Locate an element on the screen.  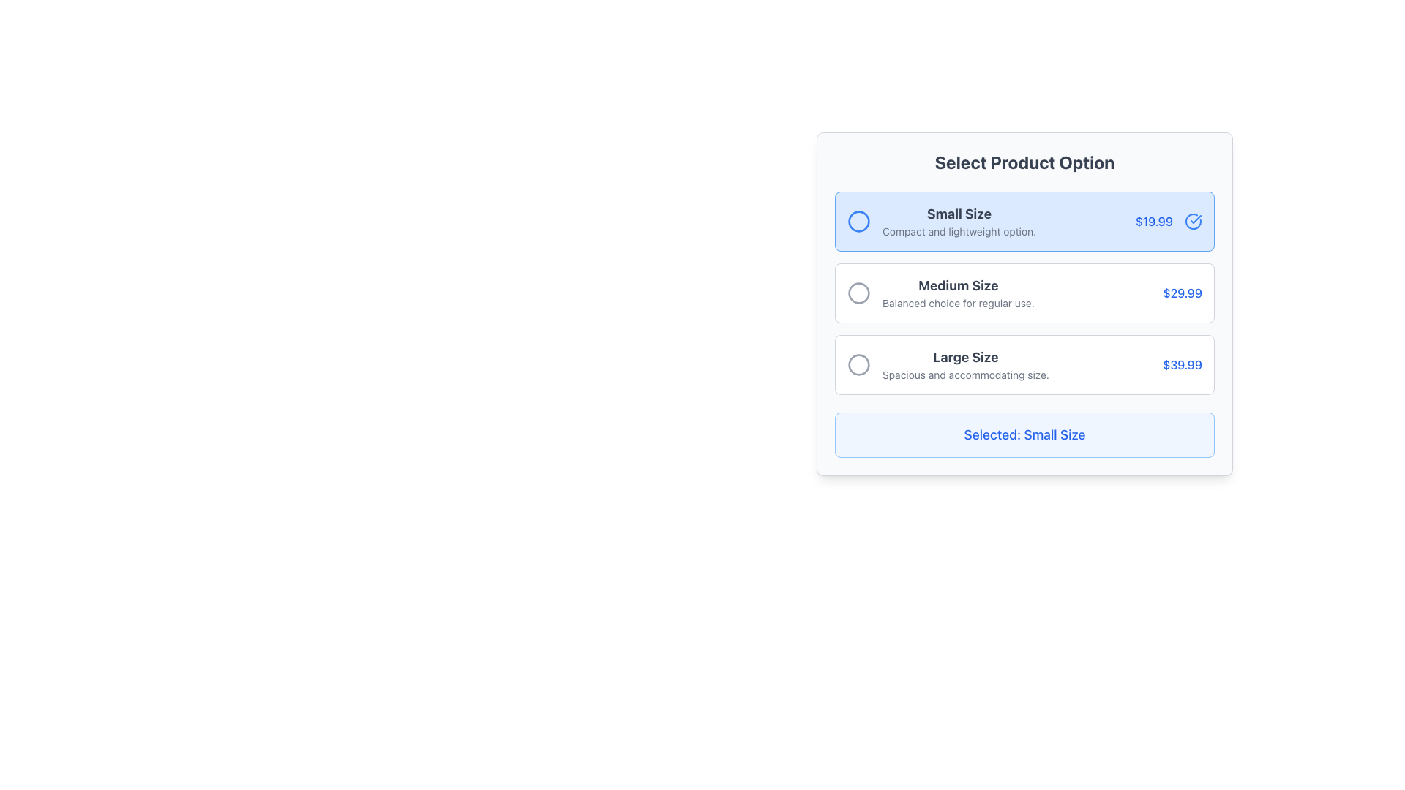
the 'Medium Size' option selector card is located at coordinates (1024, 293).